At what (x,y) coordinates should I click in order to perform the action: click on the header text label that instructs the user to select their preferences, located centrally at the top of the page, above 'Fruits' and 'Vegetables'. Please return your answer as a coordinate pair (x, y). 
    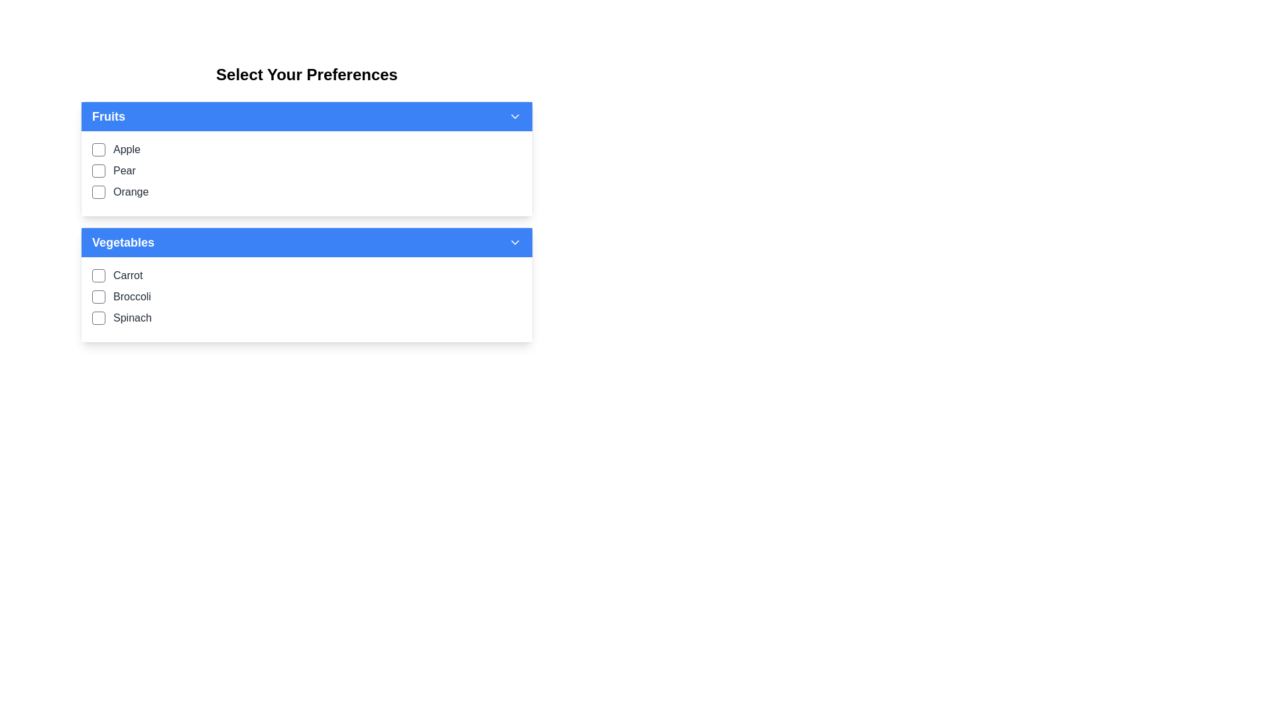
    Looking at the image, I should click on (306, 74).